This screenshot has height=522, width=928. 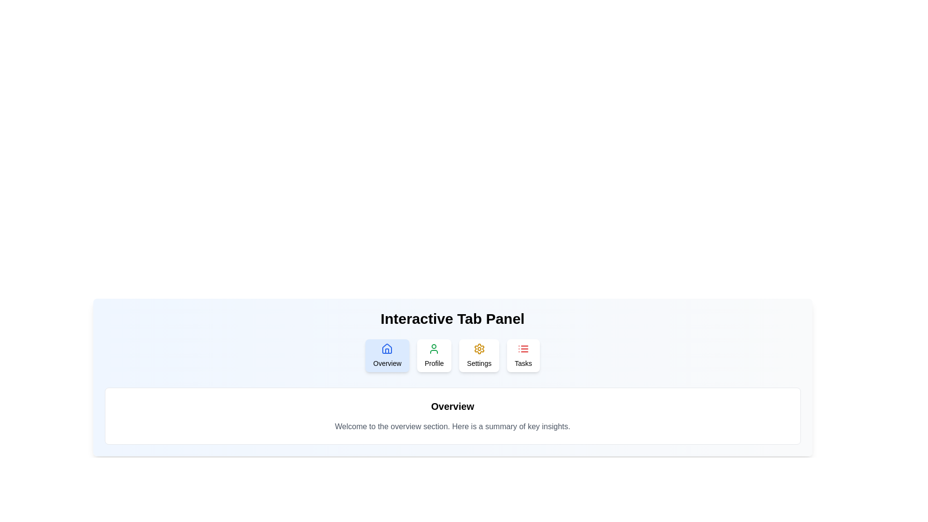 What do you see at coordinates (387, 356) in the screenshot?
I see `the Overview tab to observe the transition and content change` at bounding box center [387, 356].